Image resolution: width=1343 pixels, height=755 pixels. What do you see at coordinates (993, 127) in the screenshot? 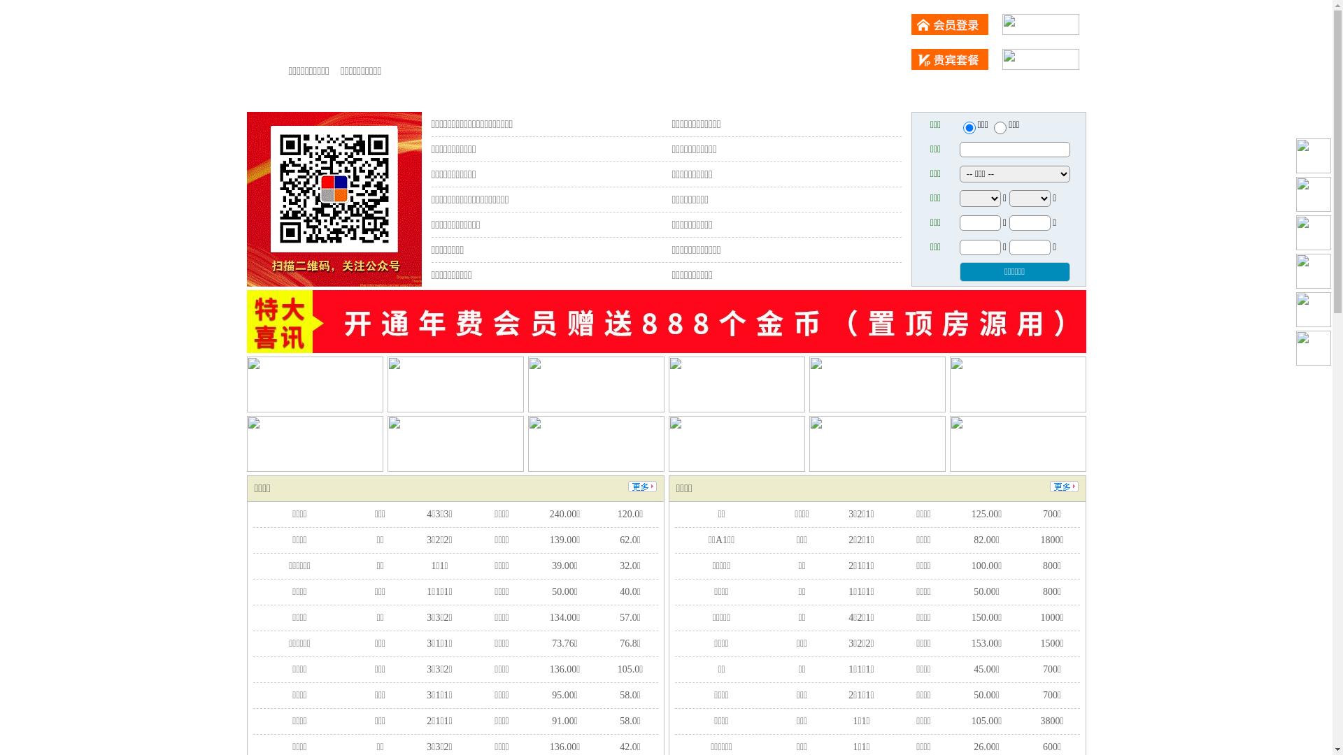
I see `'chuzu'` at bounding box center [993, 127].